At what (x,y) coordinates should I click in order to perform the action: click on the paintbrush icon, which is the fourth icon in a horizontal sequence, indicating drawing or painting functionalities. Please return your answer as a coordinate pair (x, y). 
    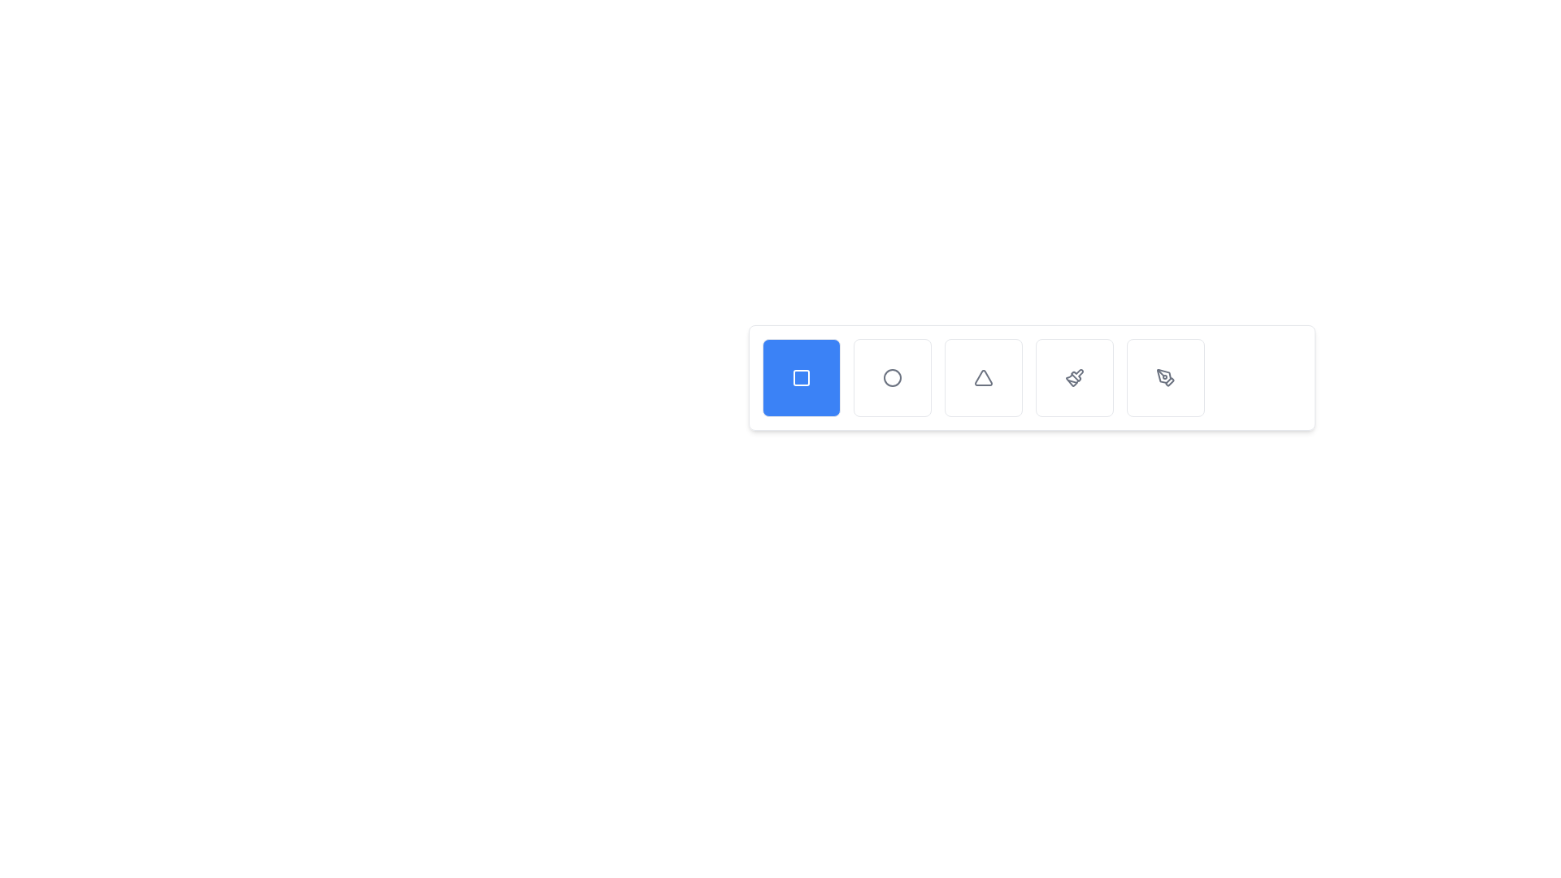
    Looking at the image, I should click on (1077, 375).